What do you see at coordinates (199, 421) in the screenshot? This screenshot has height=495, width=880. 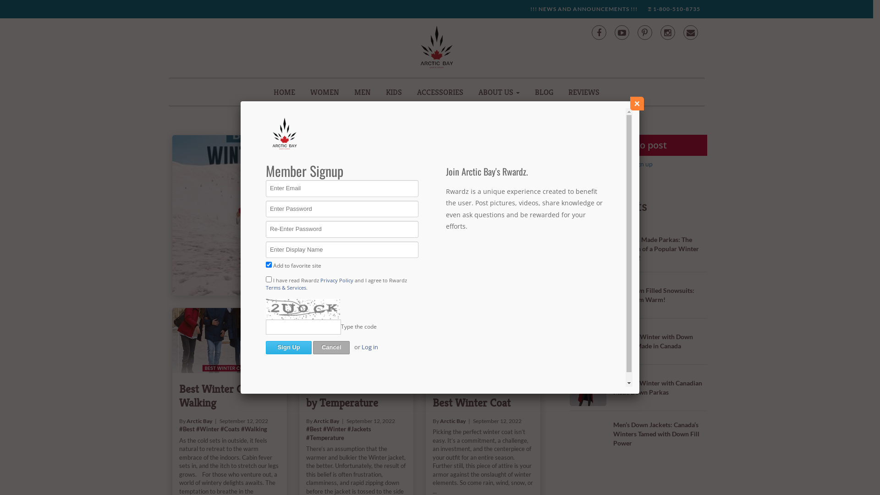 I see `'Arctic Bay'` at bounding box center [199, 421].